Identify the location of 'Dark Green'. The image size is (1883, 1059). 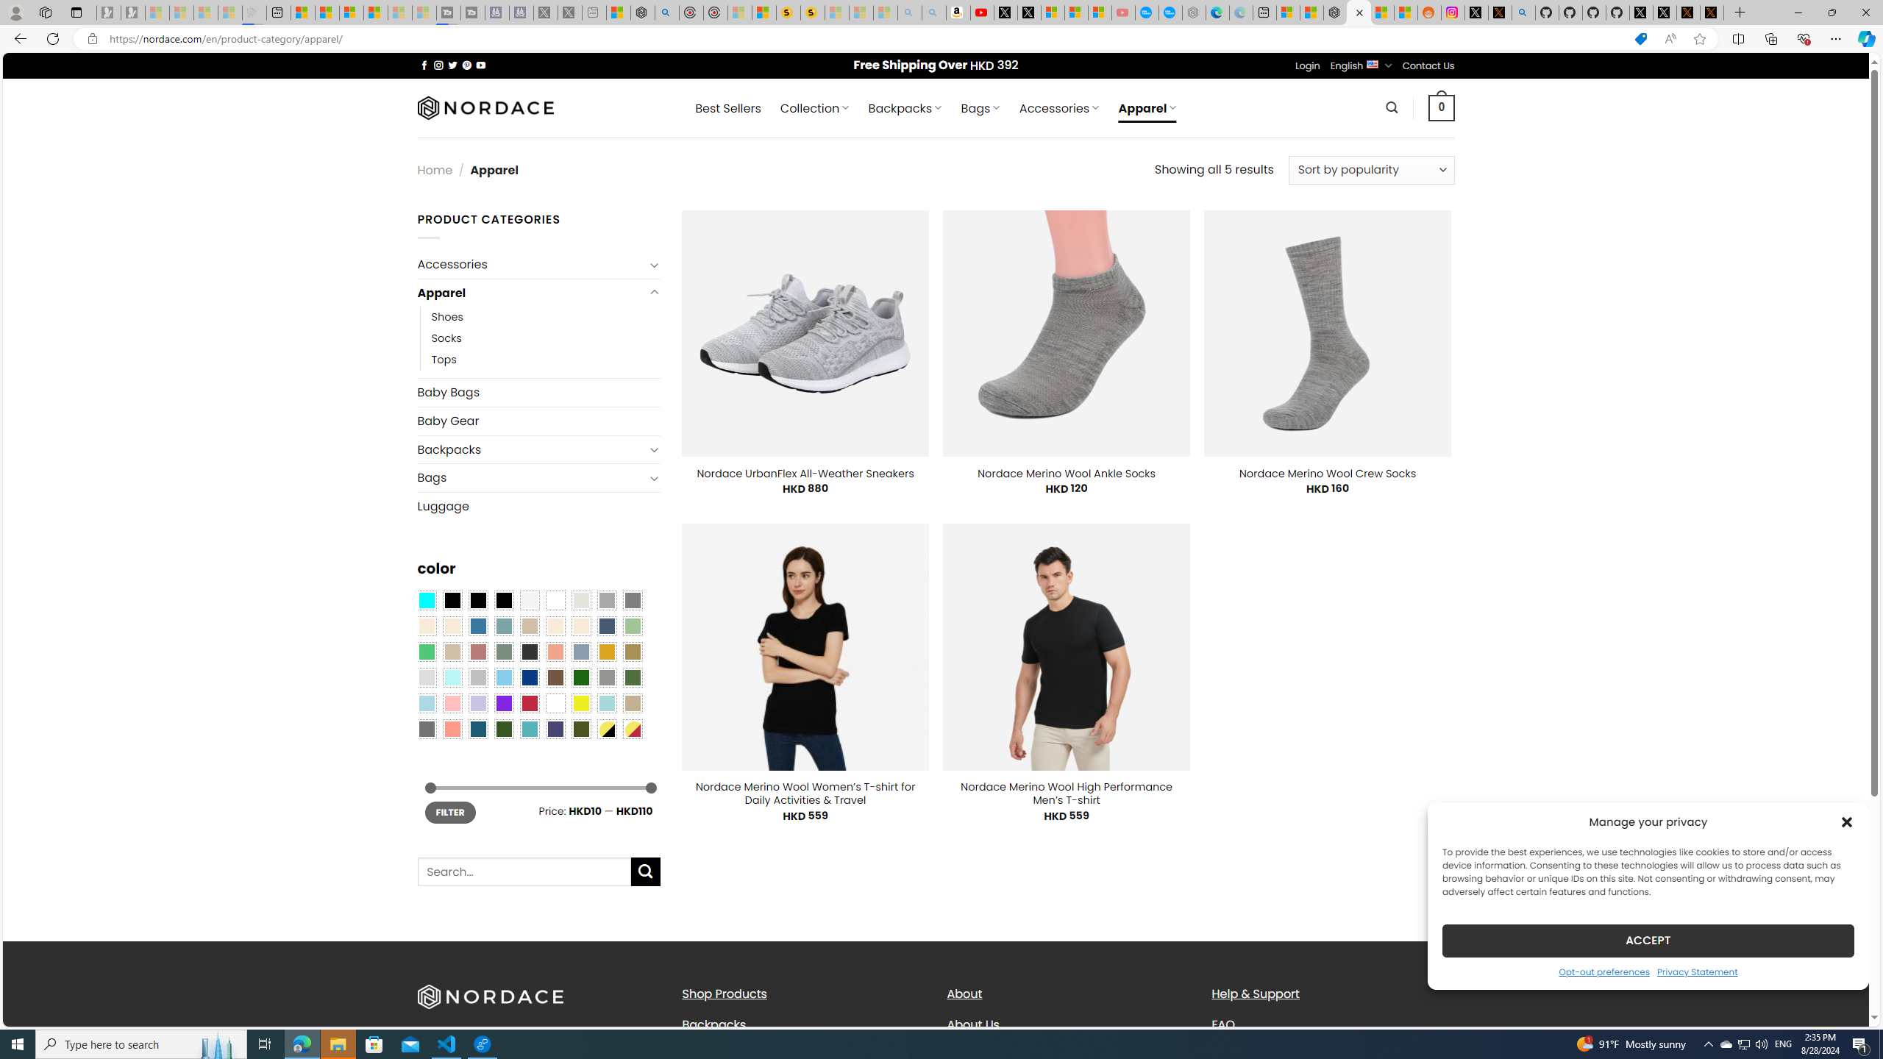
(581, 677).